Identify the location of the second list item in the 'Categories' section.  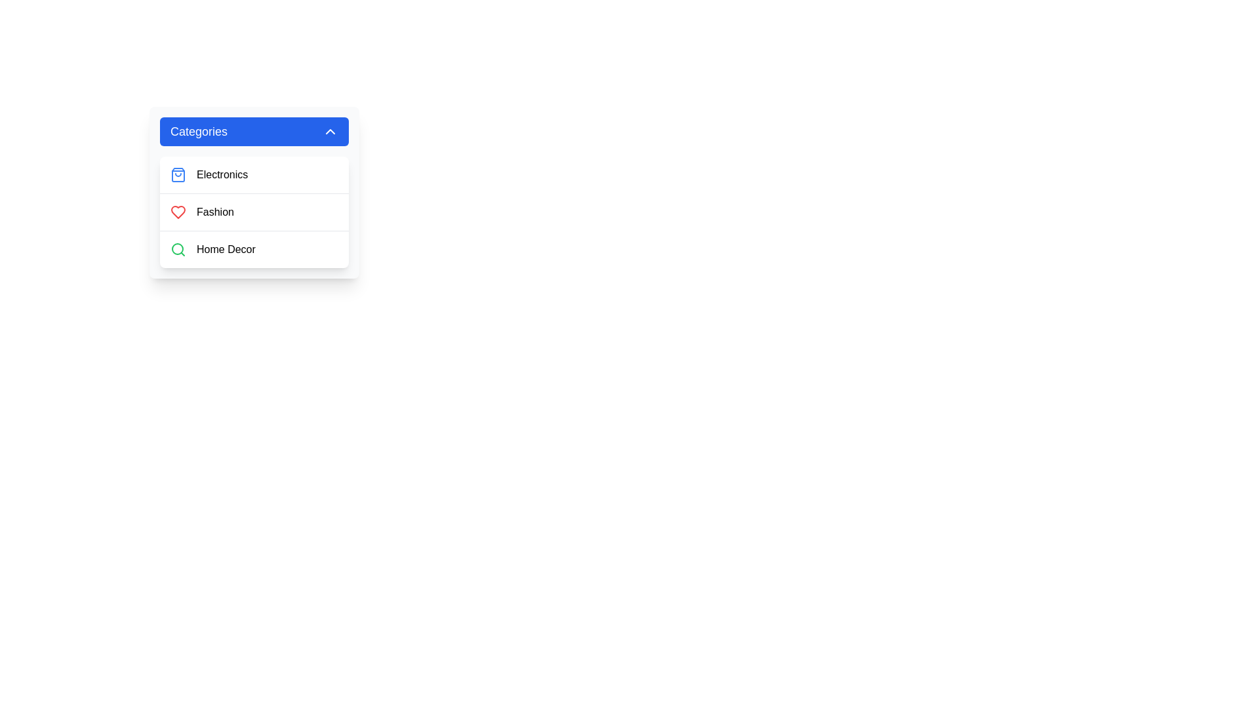
(254, 212).